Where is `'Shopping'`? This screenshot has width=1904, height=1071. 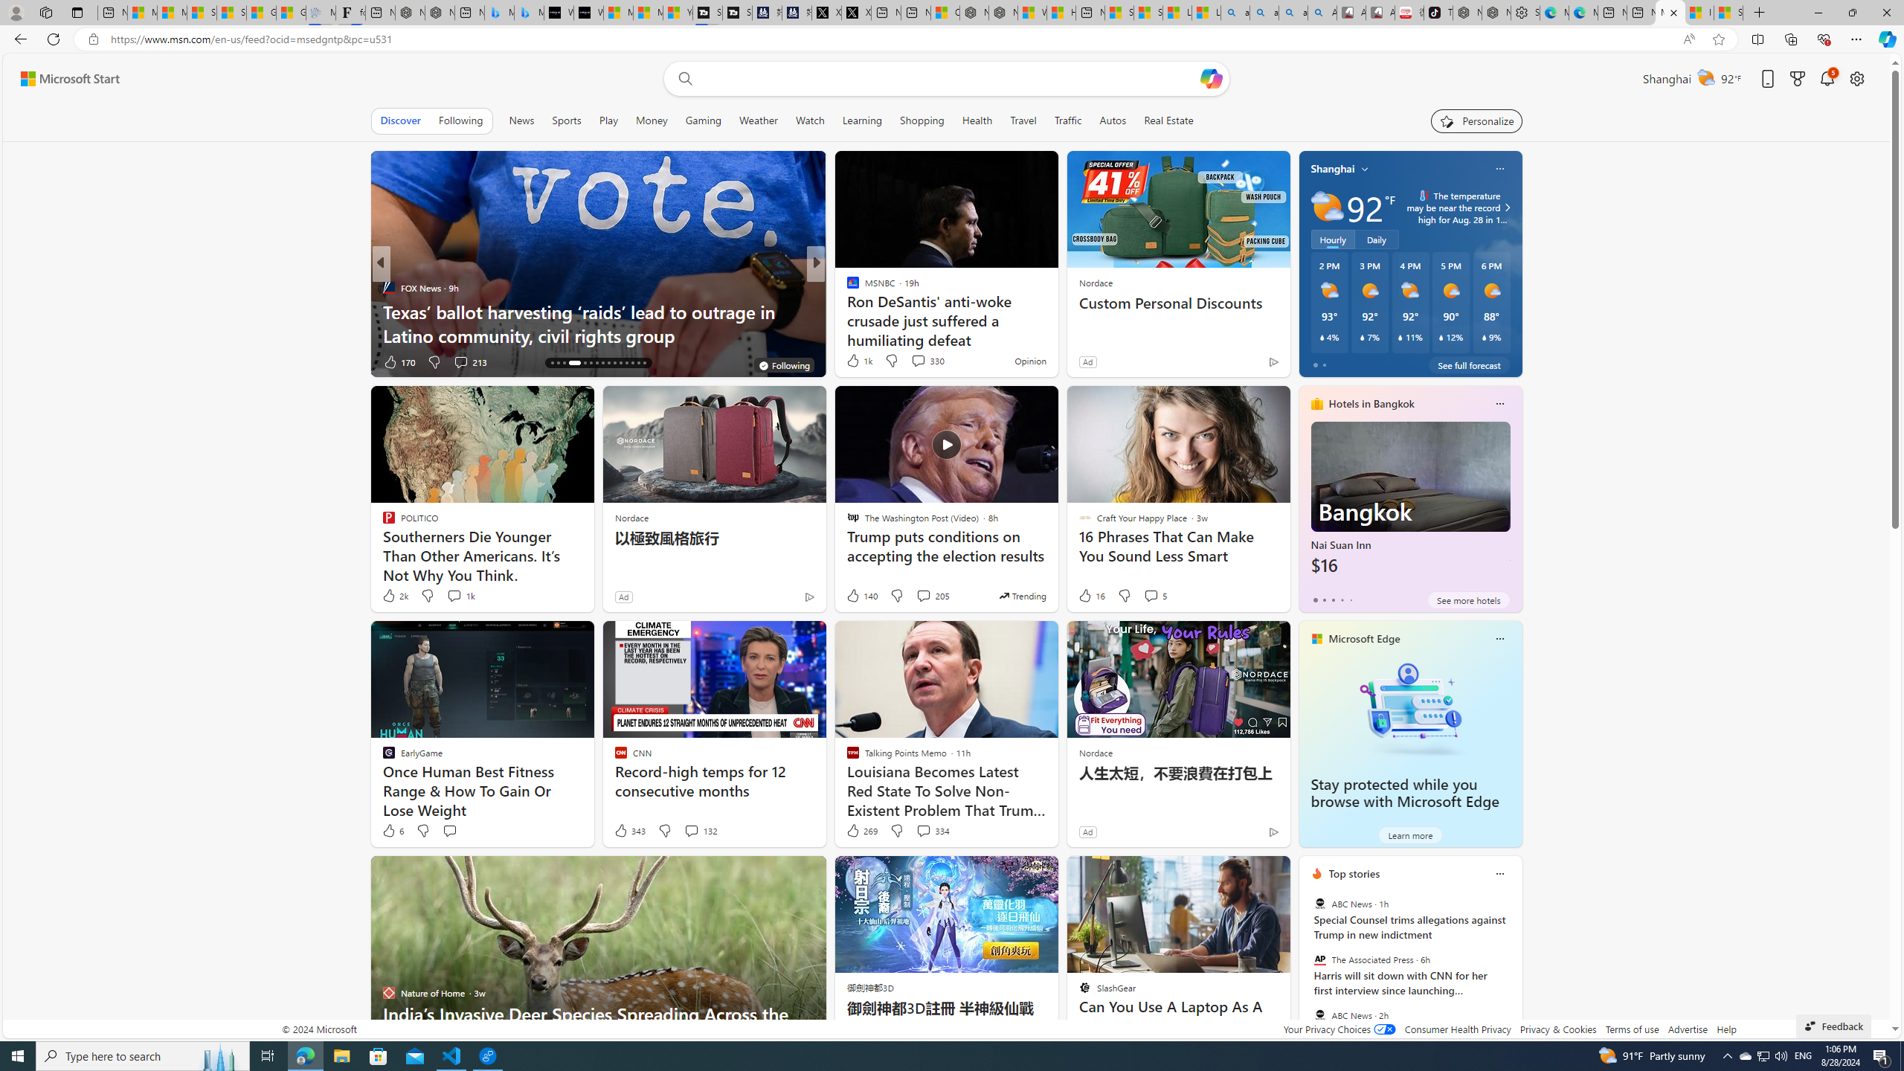 'Shopping' is located at coordinates (922, 120).